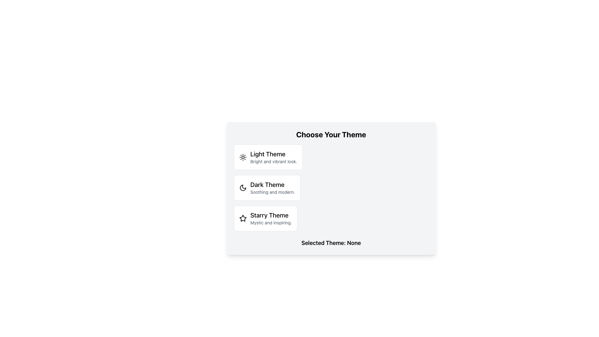 This screenshot has width=599, height=337. I want to click on the 'Starry Theme' text description element, which features a bold first line and a lighter second line, located at the bottom of the theme list, so click(271, 218).